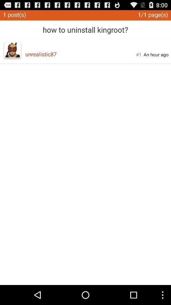 This screenshot has height=305, width=171. What do you see at coordinates (155, 54) in the screenshot?
I see `item below 1 1 page app` at bounding box center [155, 54].